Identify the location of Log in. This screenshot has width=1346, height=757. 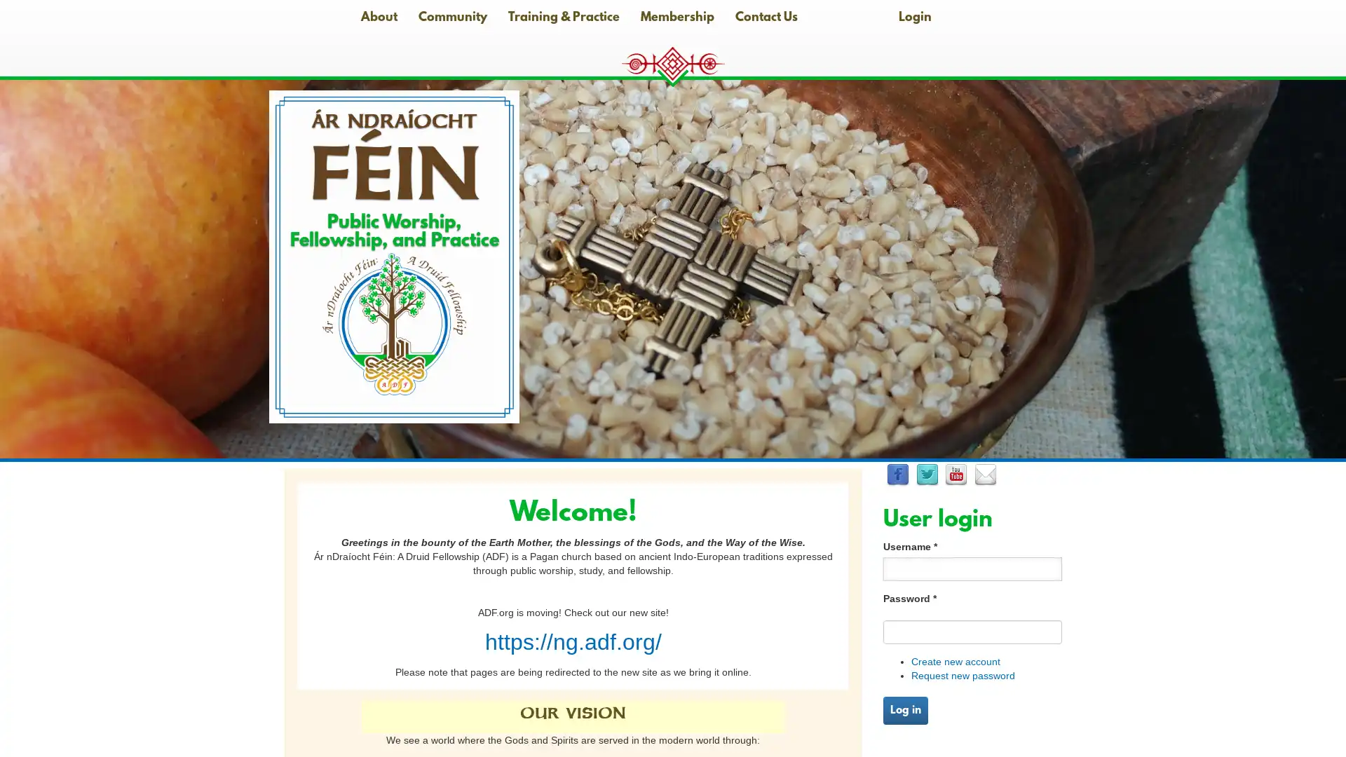
(905, 710).